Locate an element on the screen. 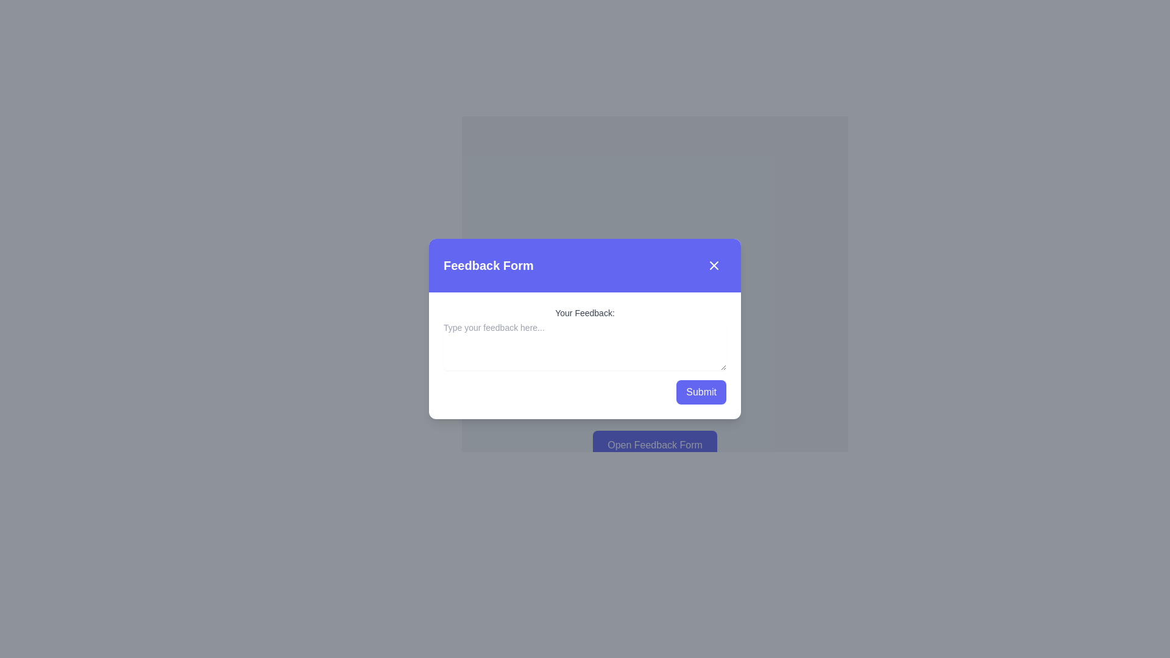 This screenshot has width=1170, height=658. the 'Submit' button with a blue background and white text located at the bottom-right corner of the feedback form modal is located at coordinates (701, 392).